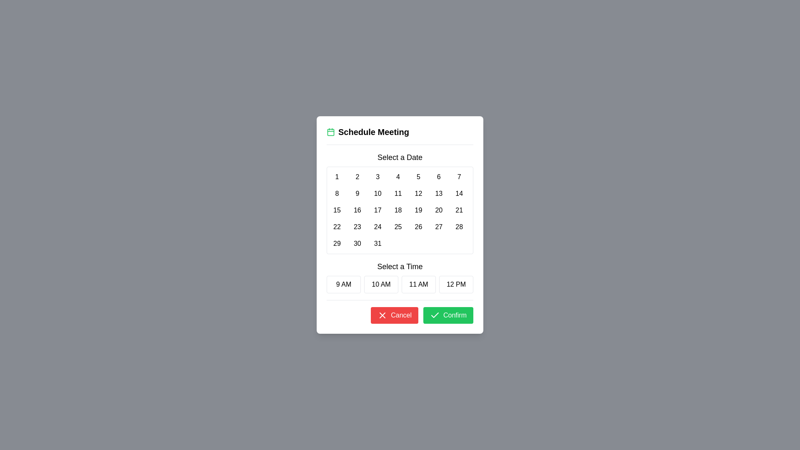 The height and width of the screenshot is (450, 800). What do you see at coordinates (373, 131) in the screenshot?
I see `the bold text label that reads 'Schedule Meeting', which is centrally positioned at the top of the dialog box interface` at bounding box center [373, 131].